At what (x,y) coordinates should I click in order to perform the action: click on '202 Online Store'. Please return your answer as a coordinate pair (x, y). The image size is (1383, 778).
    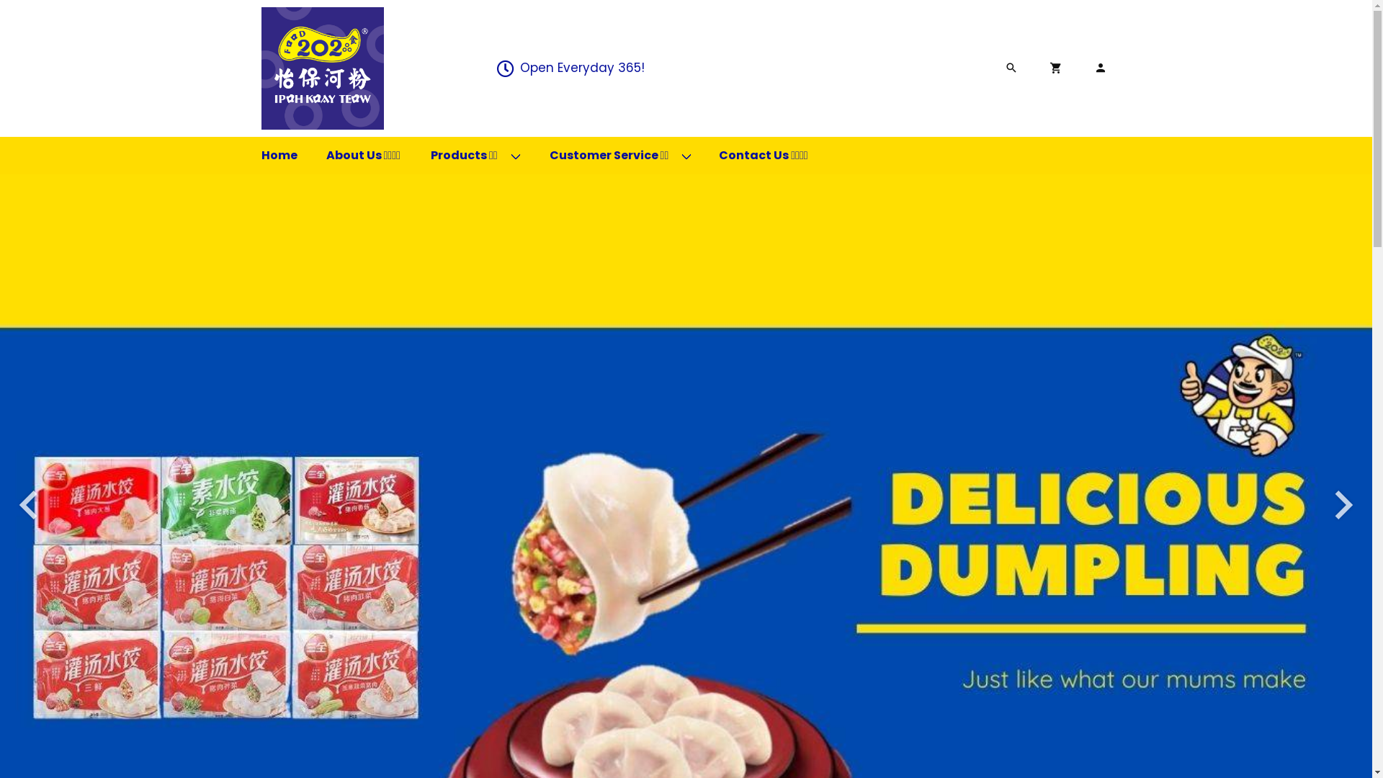
    Looking at the image, I should click on (321, 68).